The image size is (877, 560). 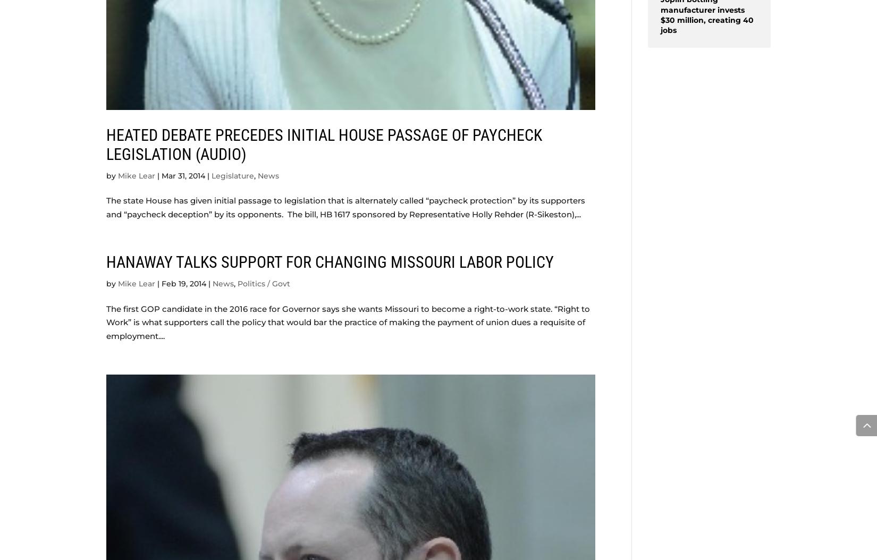 What do you see at coordinates (348, 321) in the screenshot?
I see `'The first GOP candidate in the 2016 race for Governor says she wants Missouri to become a right-to-work state. “Right to Work” is what supporters call the policy that would bar the practice of making the payment of union dues a requisite of employment....'` at bounding box center [348, 321].